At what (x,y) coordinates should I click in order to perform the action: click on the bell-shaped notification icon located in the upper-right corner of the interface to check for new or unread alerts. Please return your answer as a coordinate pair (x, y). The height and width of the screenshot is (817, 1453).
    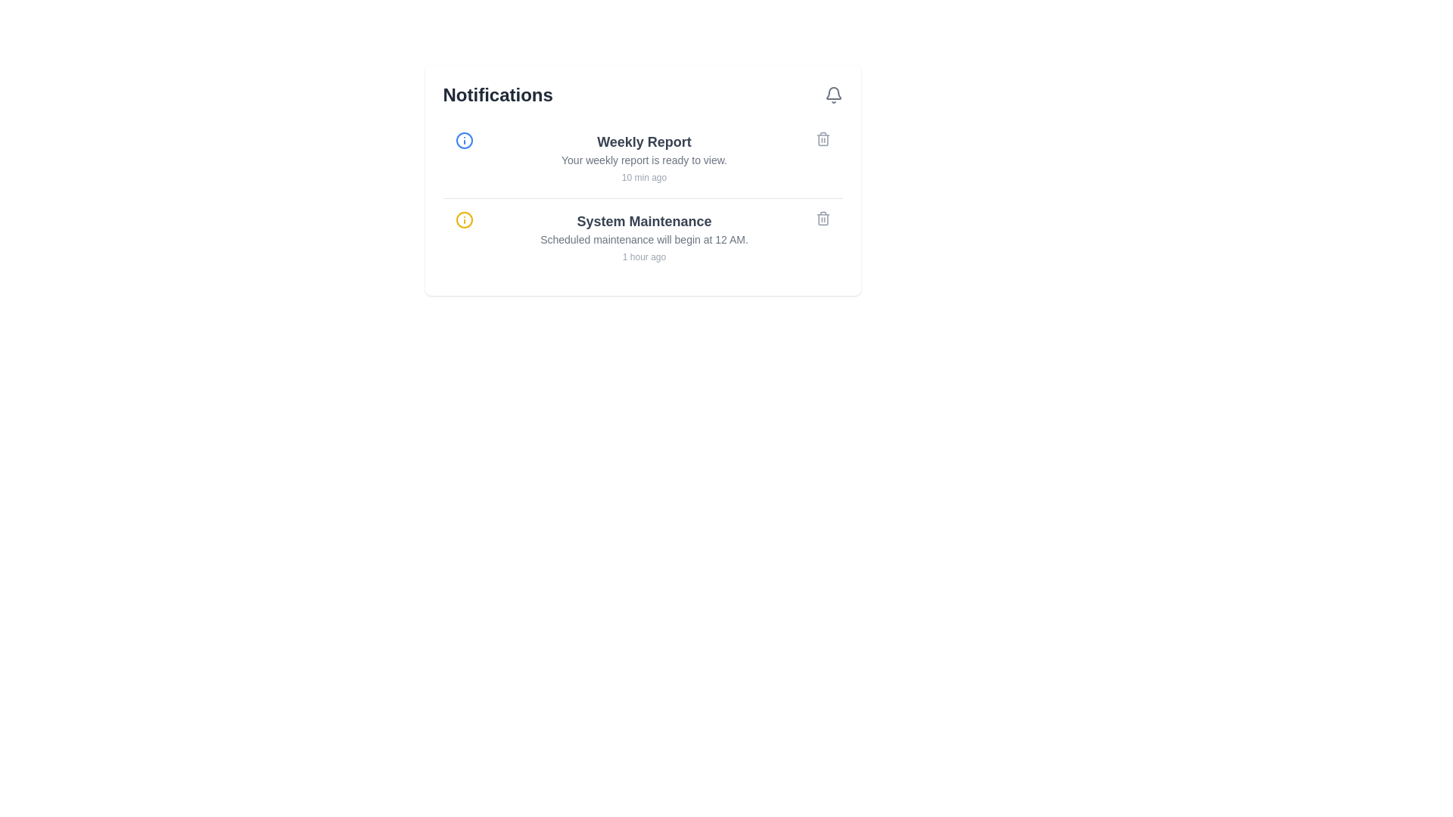
    Looking at the image, I should click on (832, 93).